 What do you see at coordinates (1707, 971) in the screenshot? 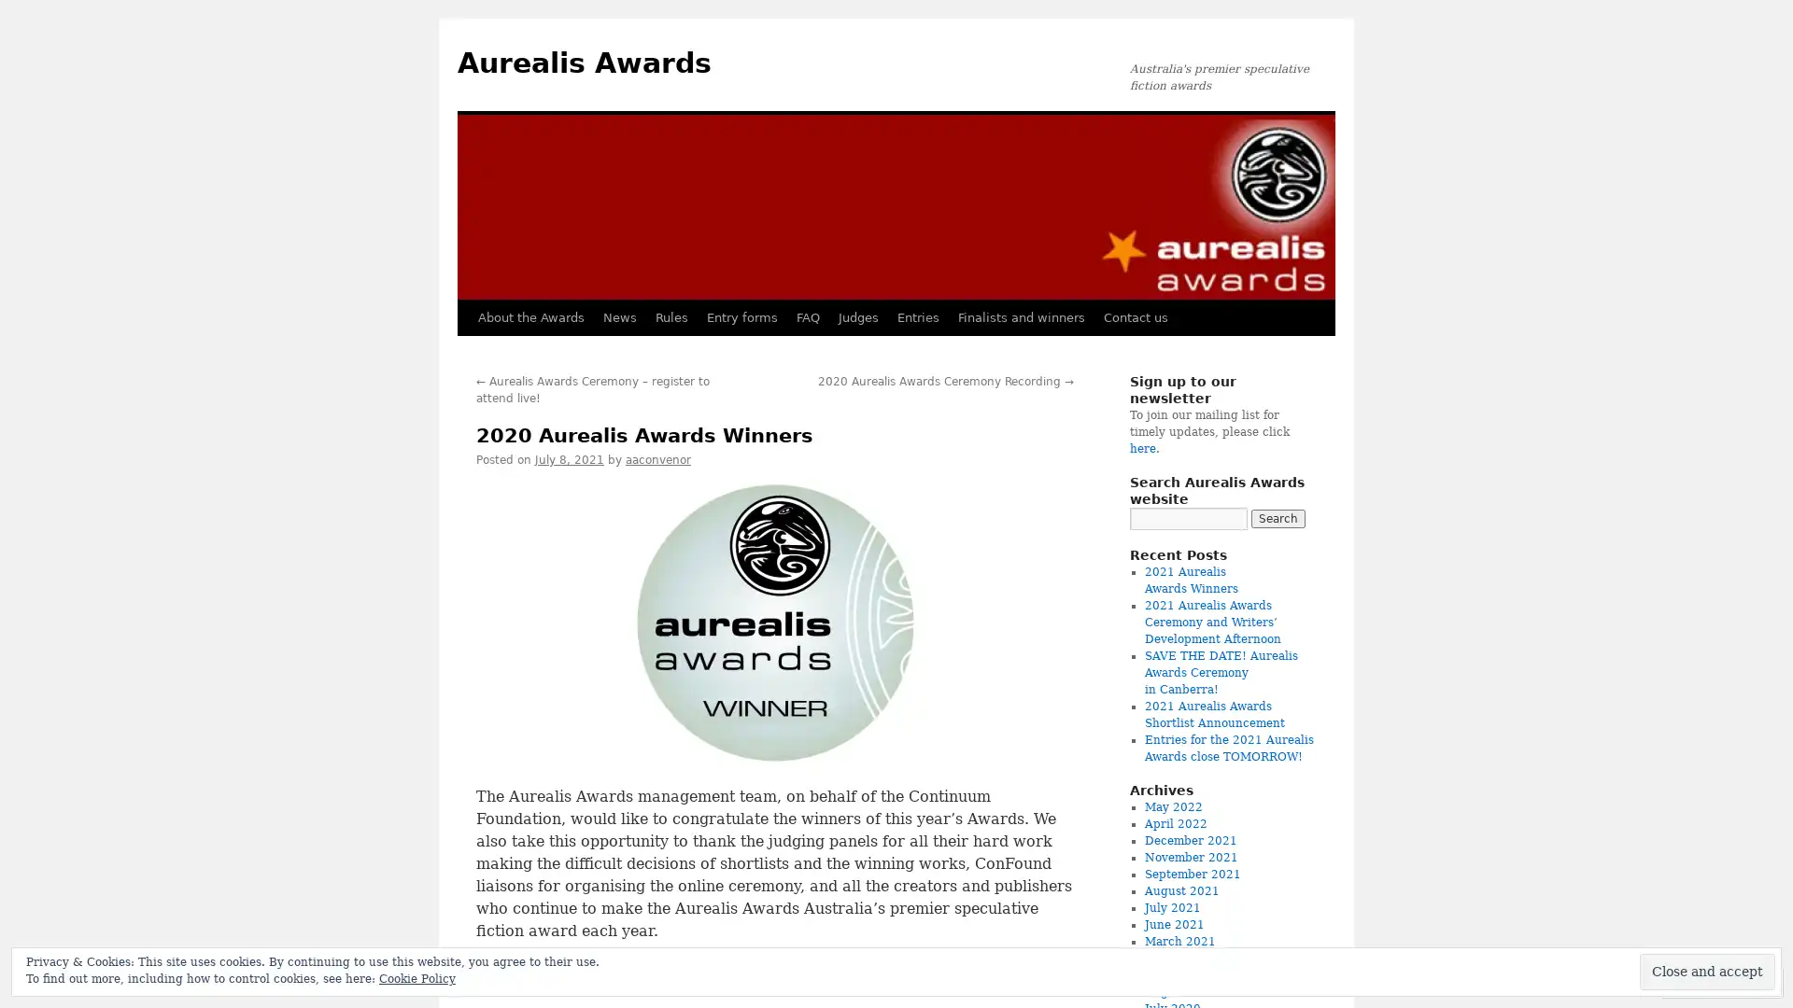
I see `Close and accept` at bounding box center [1707, 971].